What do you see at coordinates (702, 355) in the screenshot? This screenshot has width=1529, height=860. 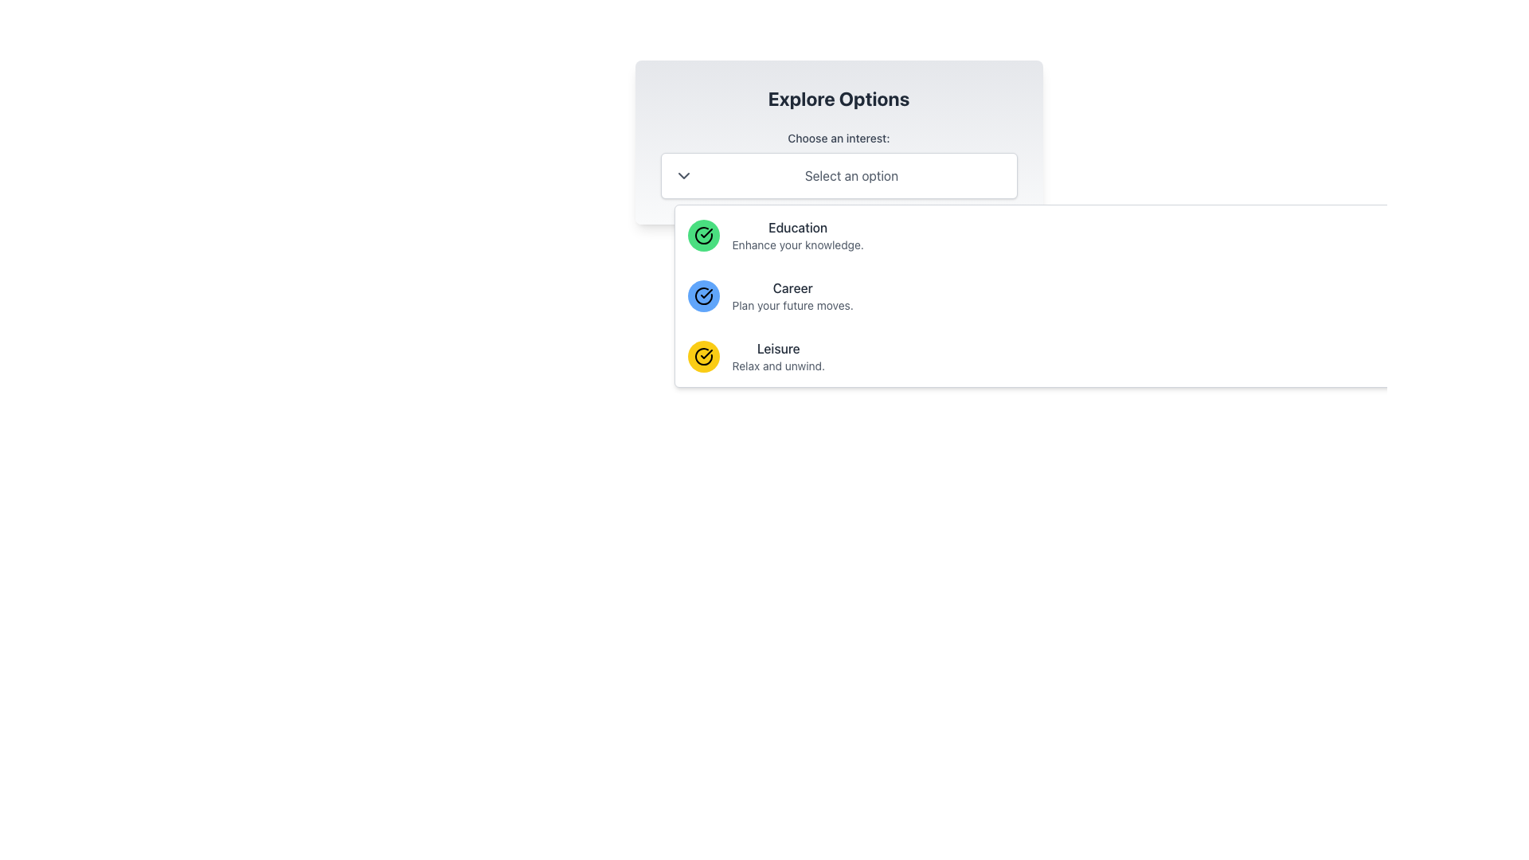 I see `the Leisure category icon, which is the third icon in a vertically stacked list of selectable options, positioned to the left of the text 'Leisure' and 'Relax and unwind.'` at bounding box center [702, 355].